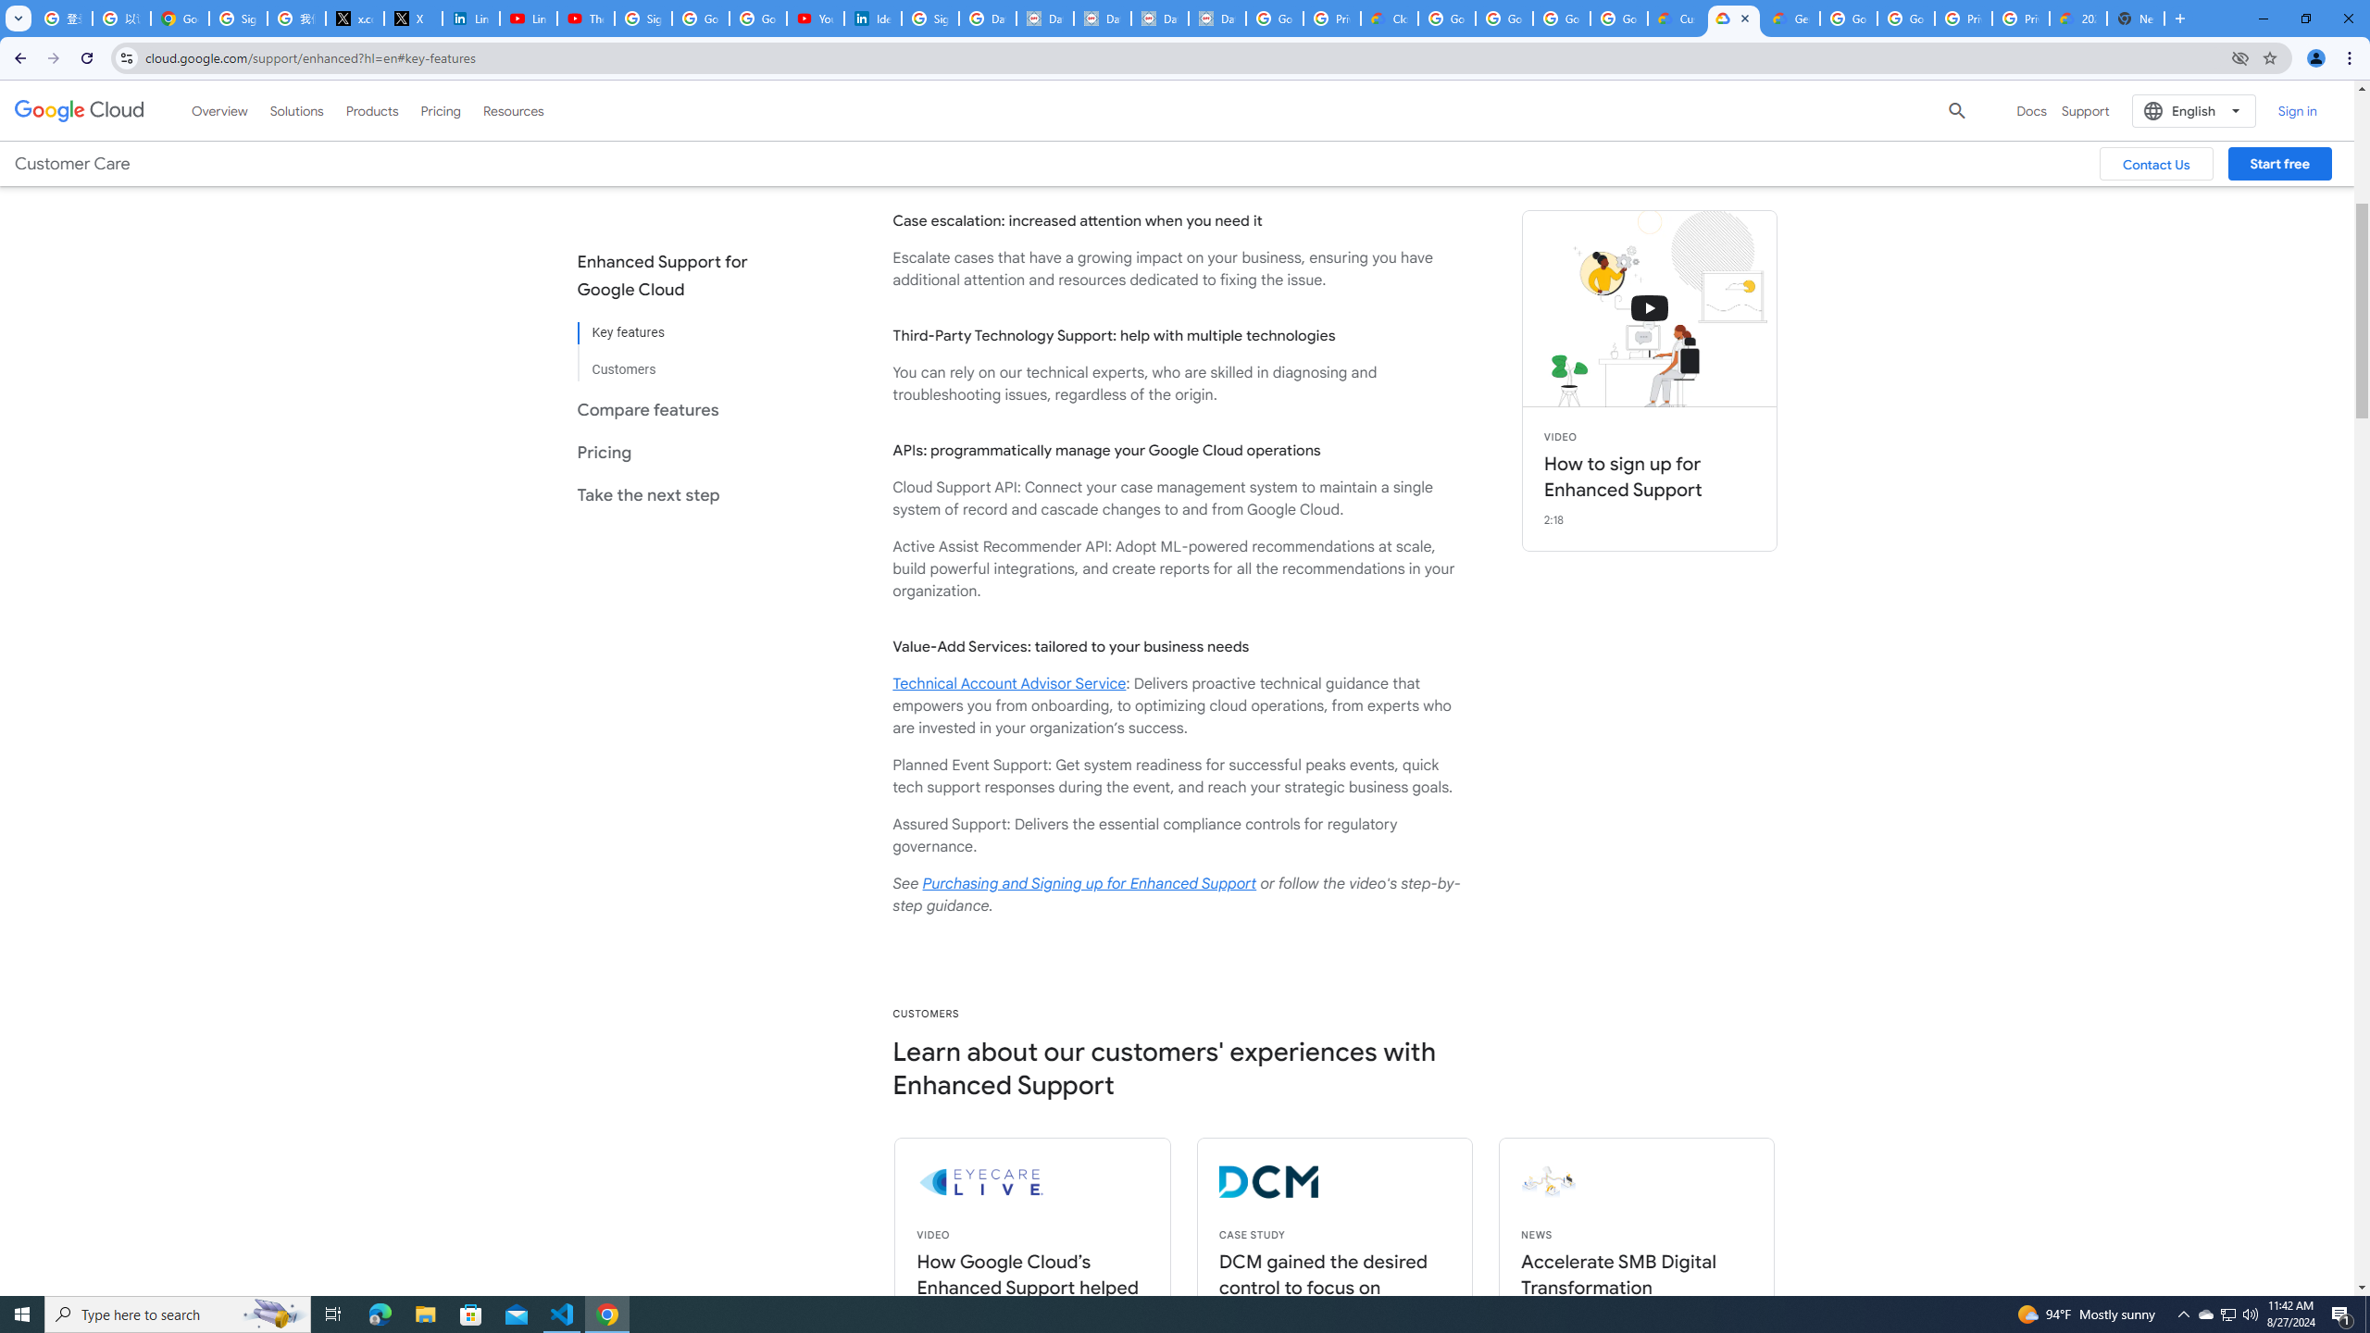 This screenshot has height=1333, width=2370. What do you see at coordinates (677, 361) in the screenshot?
I see `'Customers'` at bounding box center [677, 361].